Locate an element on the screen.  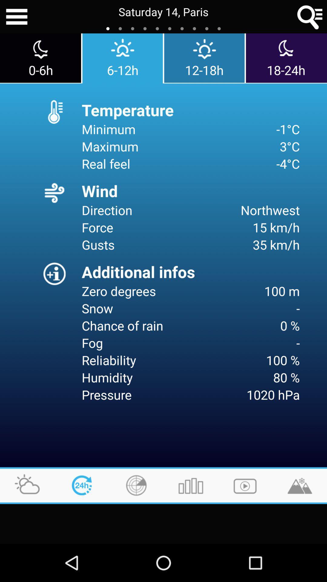
the app to the right of the 0-6h app is located at coordinates (123, 58).